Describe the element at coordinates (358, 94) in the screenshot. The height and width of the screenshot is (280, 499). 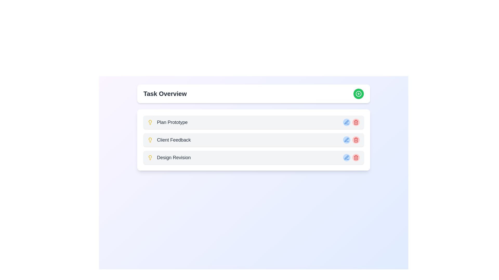
I see `the green circular button with a white addition symbol (+) located in the top-right corner of the 'Task Overview' header` at that location.